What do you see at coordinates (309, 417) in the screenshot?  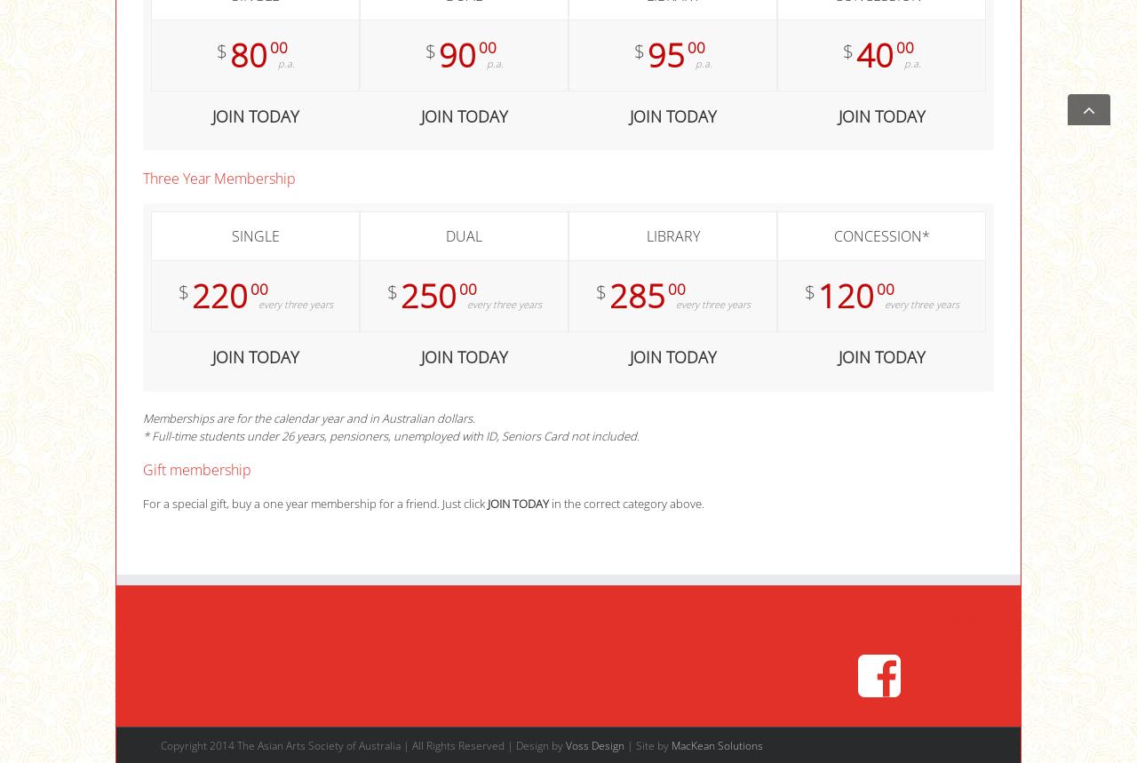 I see `'Memberships are for the calendar year and in Australian dollars.'` at bounding box center [309, 417].